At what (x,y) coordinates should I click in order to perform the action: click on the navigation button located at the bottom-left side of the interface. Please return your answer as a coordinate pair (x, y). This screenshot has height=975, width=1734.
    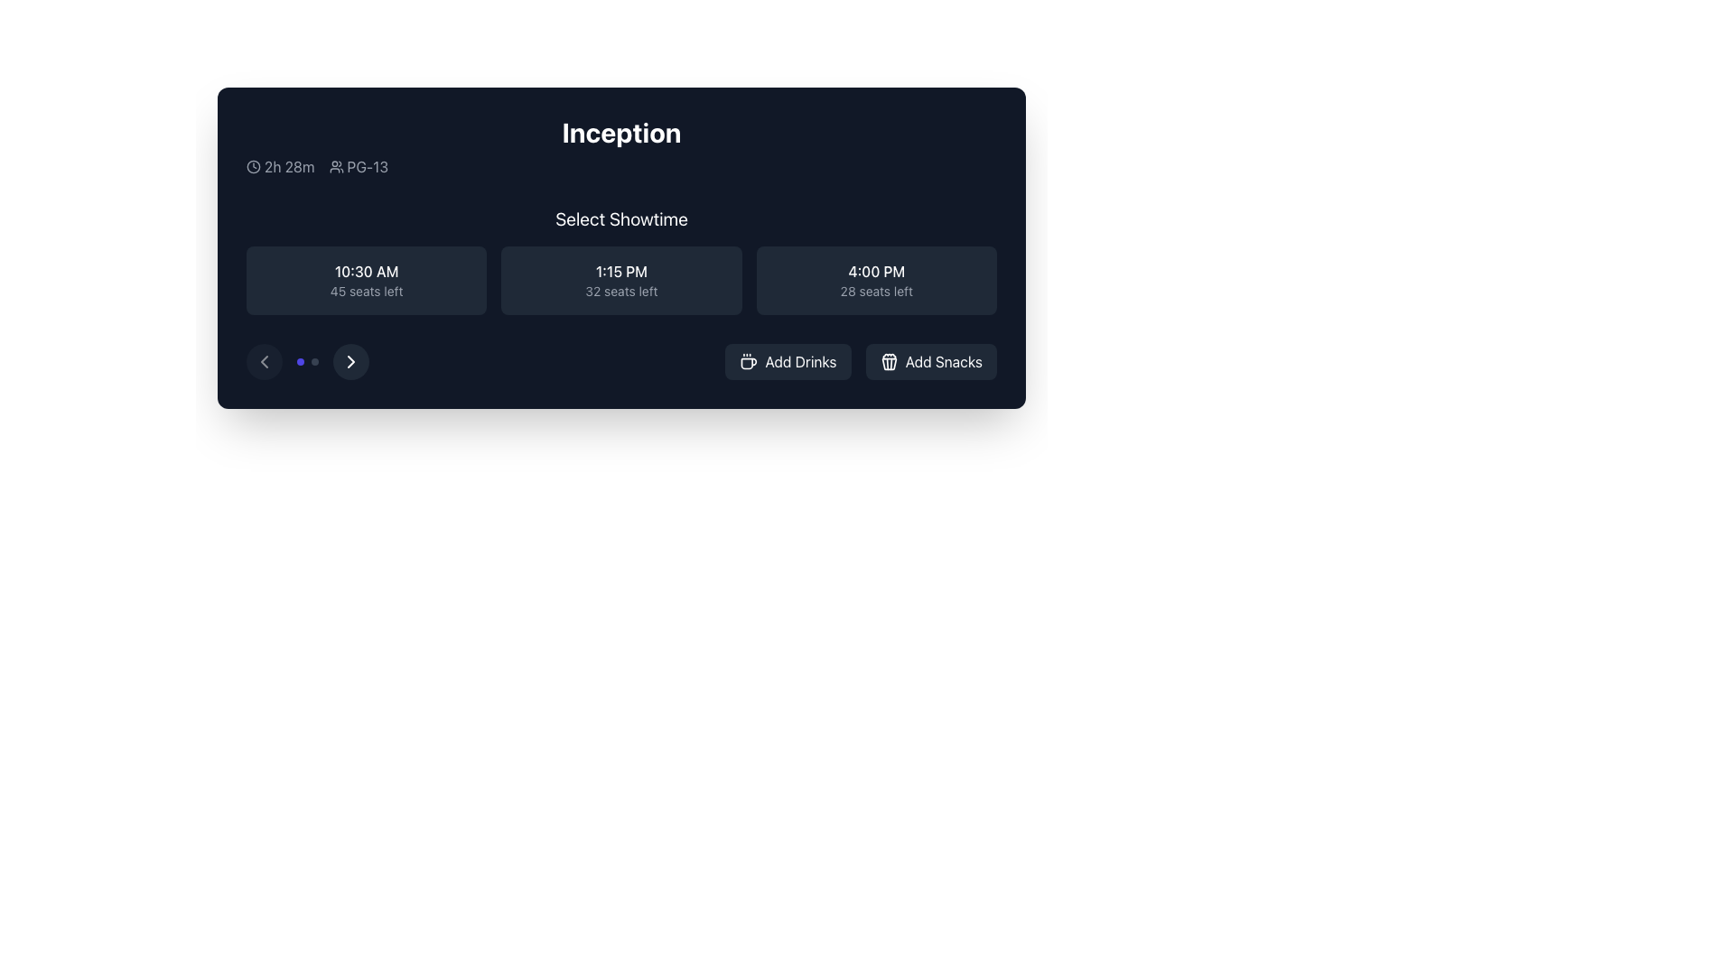
    Looking at the image, I should click on (263, 362).